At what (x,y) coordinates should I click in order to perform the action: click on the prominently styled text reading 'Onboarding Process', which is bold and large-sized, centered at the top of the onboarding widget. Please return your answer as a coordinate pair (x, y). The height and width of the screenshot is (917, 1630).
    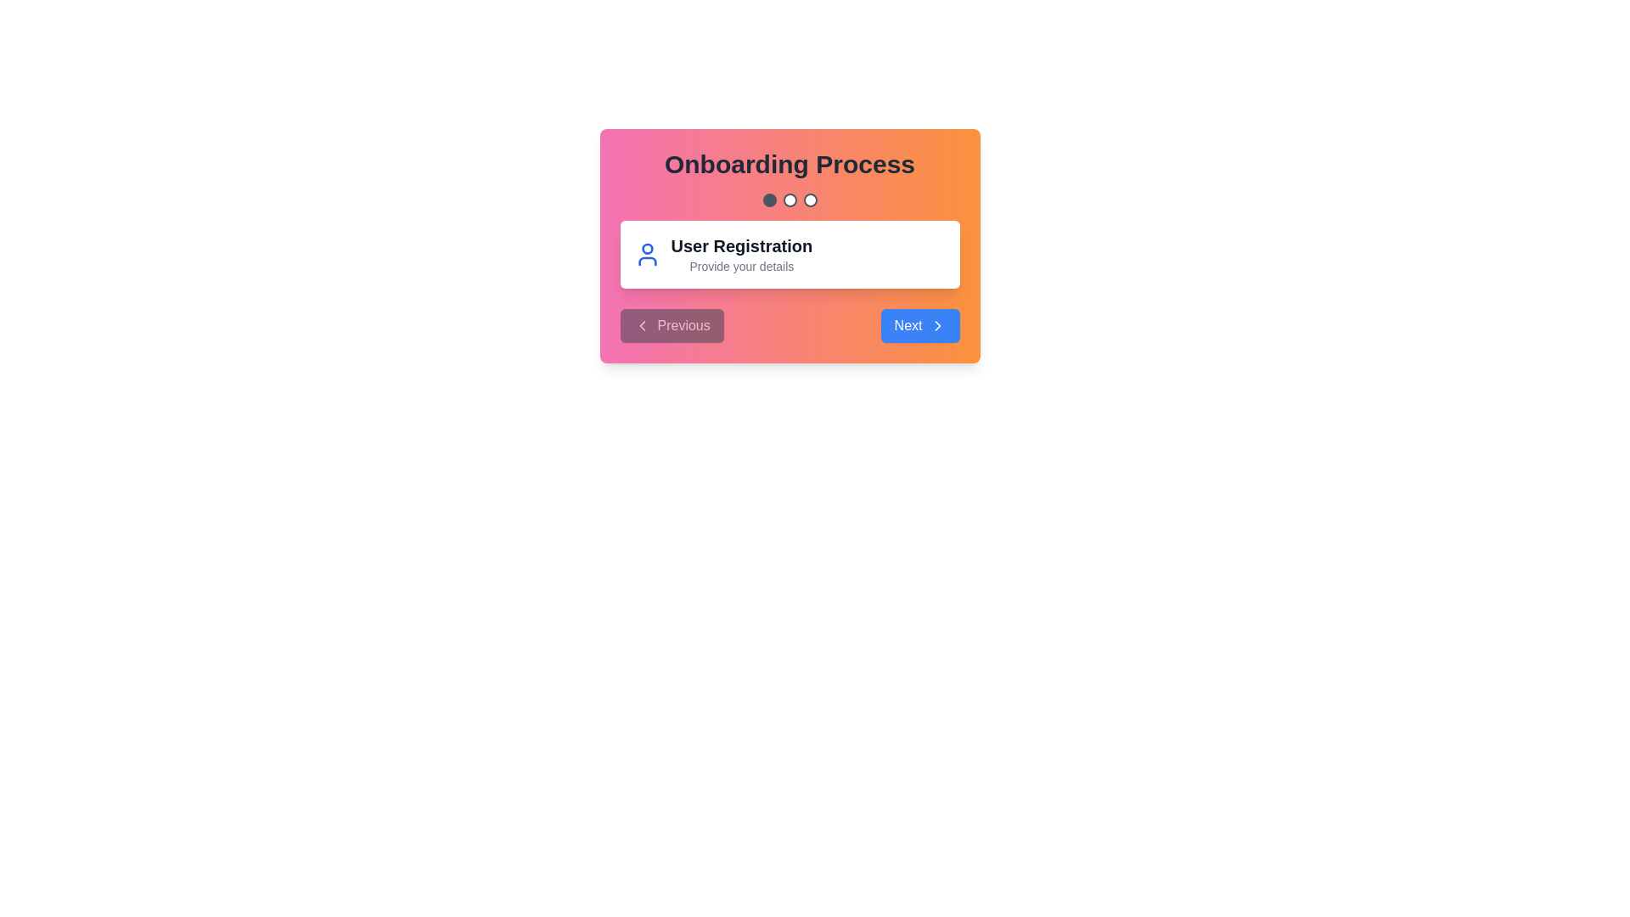
    Looking at the image, I should click on (789, 164).